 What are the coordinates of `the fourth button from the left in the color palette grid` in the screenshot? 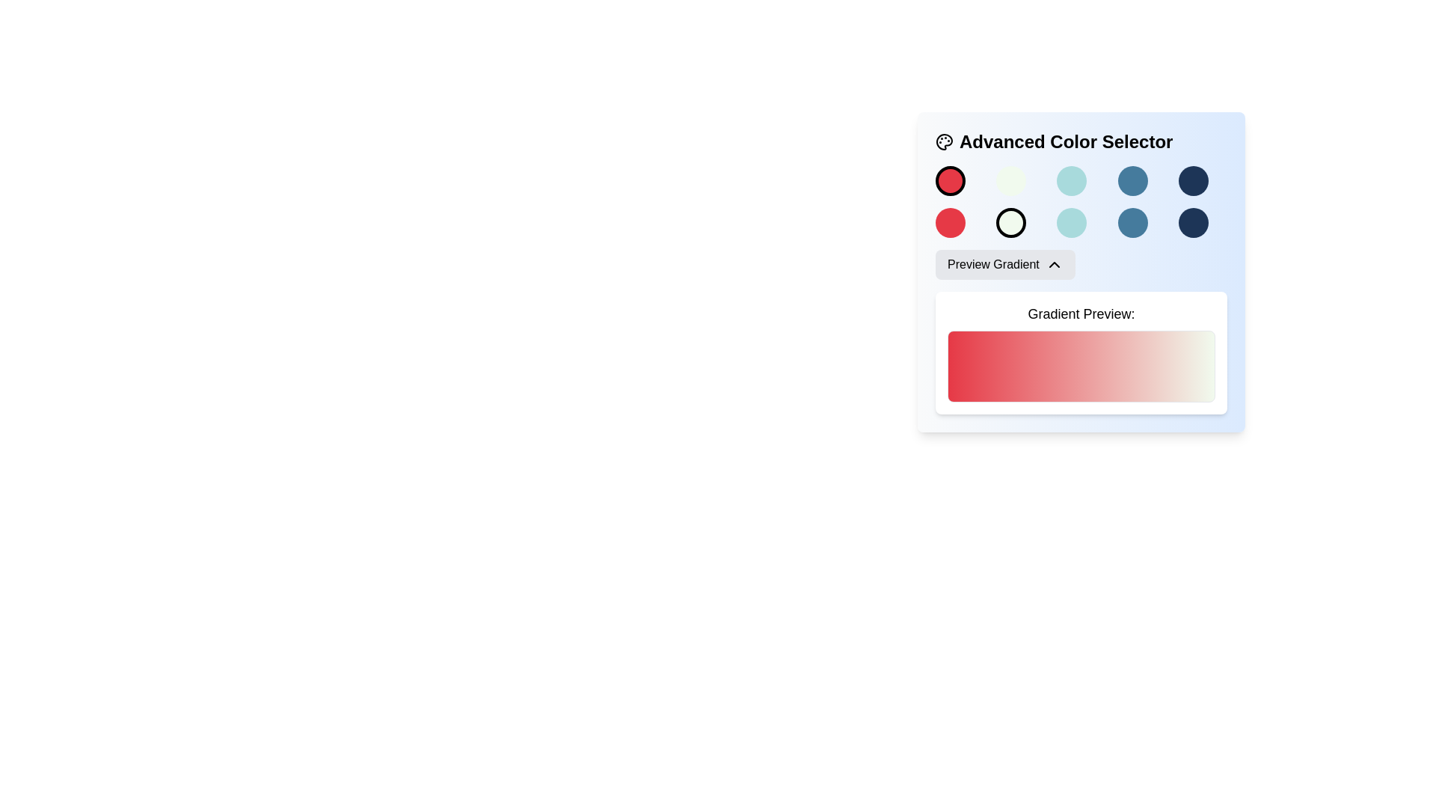 It's located at (1132, 180).